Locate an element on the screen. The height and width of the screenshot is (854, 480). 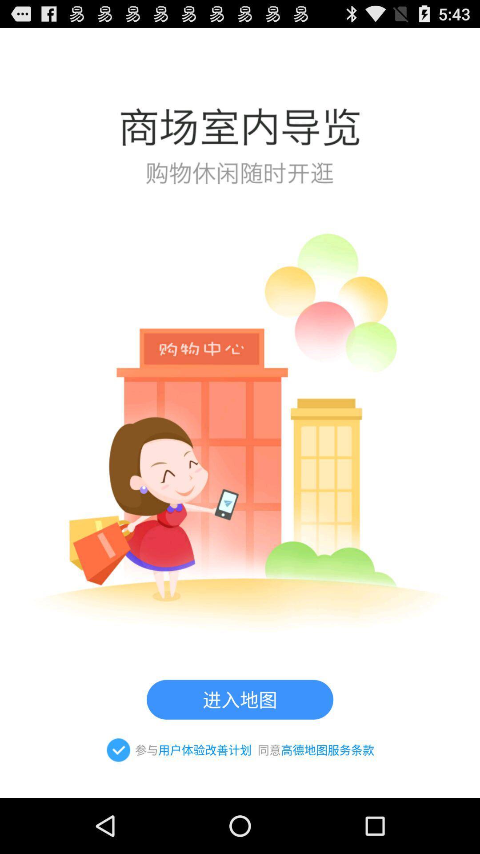
the app at the bottom right corner is located at coordinates (328, 749).